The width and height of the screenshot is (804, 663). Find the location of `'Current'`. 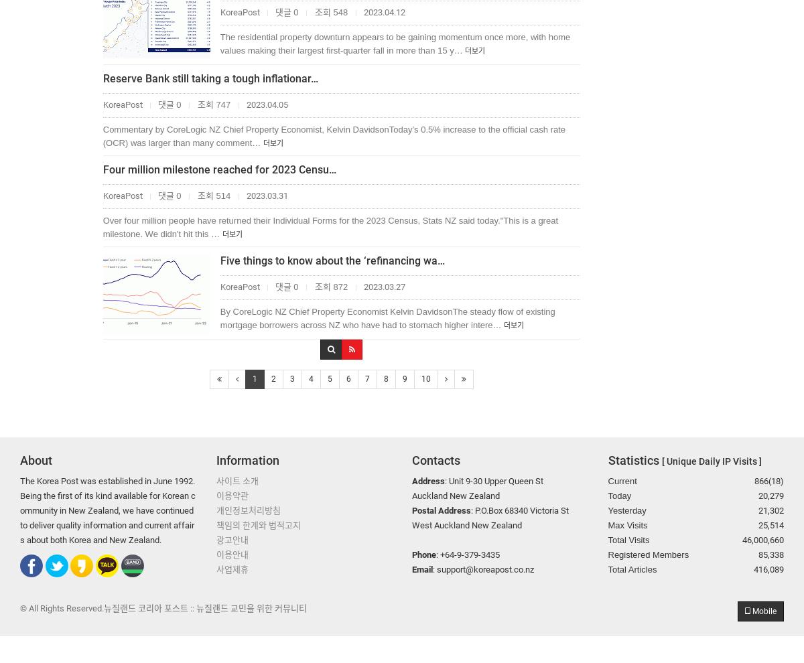

'Current' is located at coordinates (622, 480).